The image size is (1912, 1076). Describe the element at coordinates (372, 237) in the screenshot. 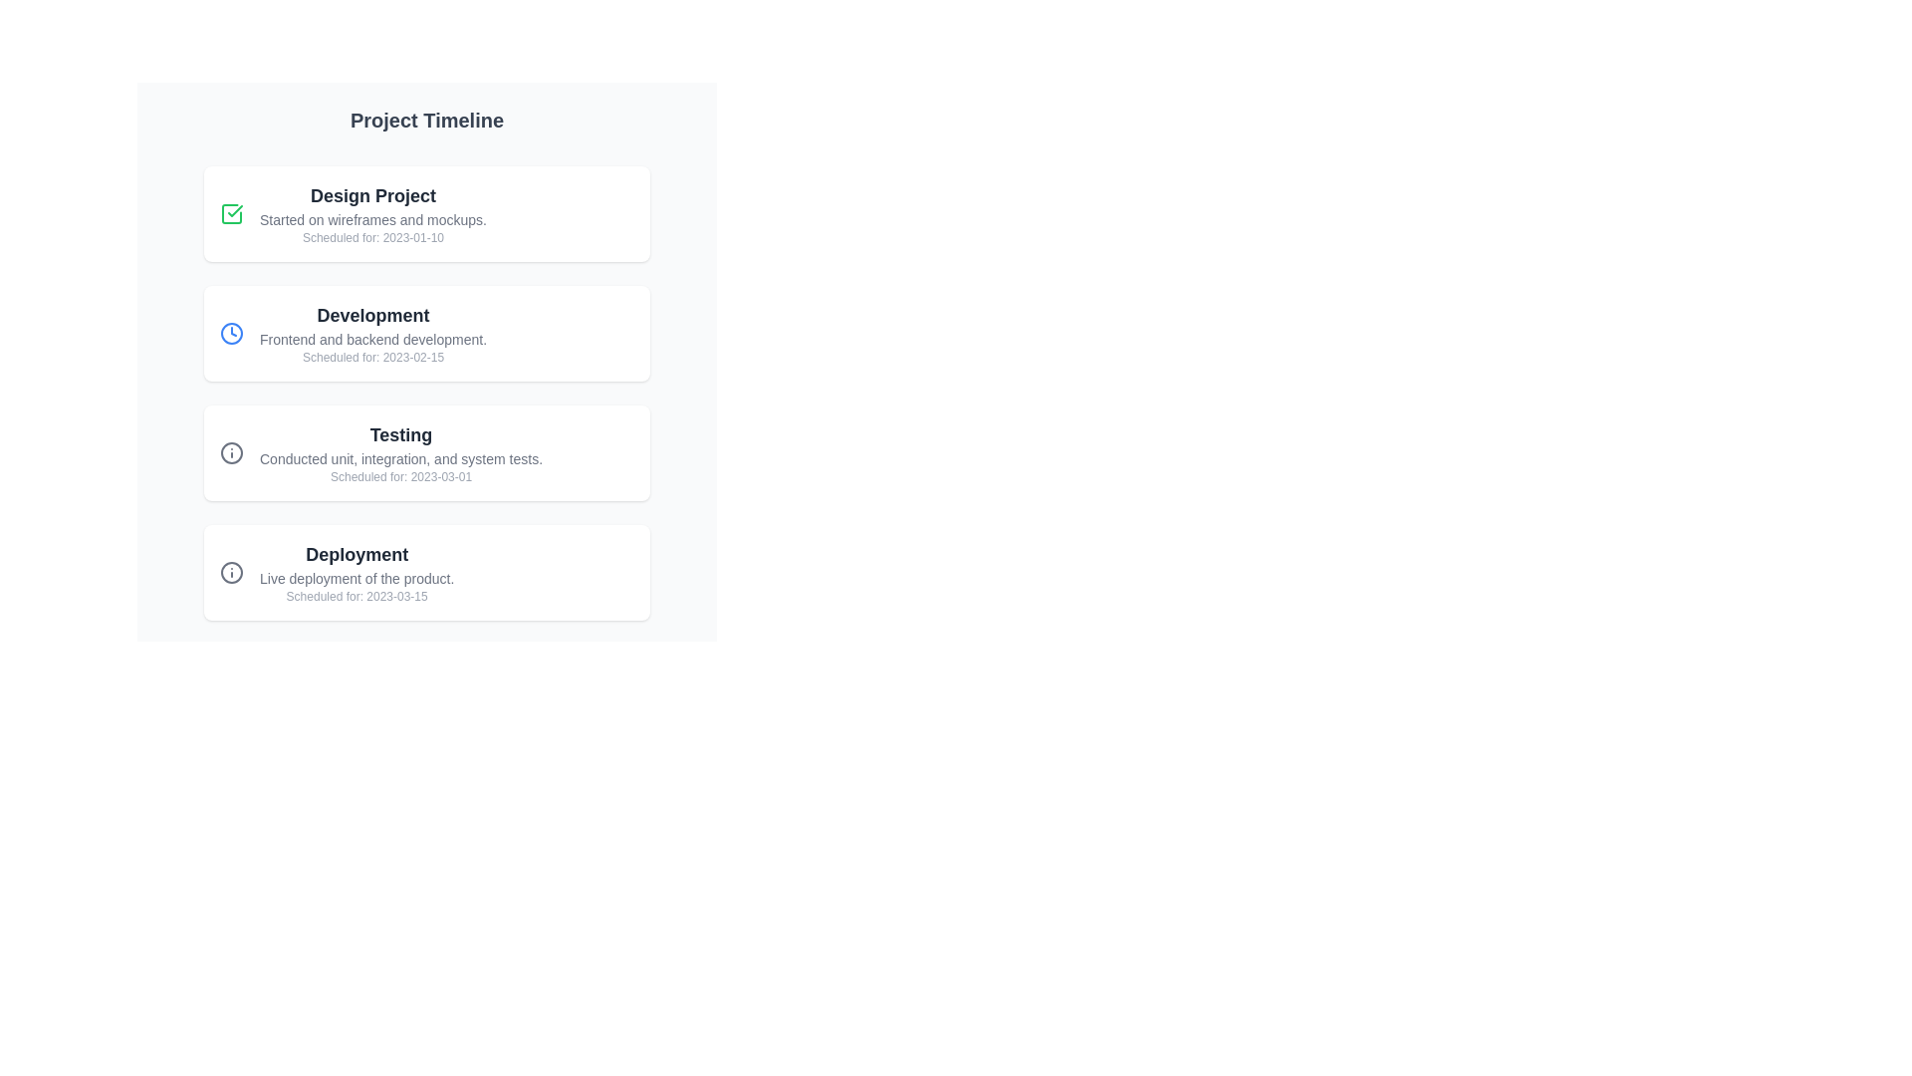

I see `the static text indicating the scheduled date, which is styled in light gray and positioned below the description text within the 'Design Project' card` at that location.